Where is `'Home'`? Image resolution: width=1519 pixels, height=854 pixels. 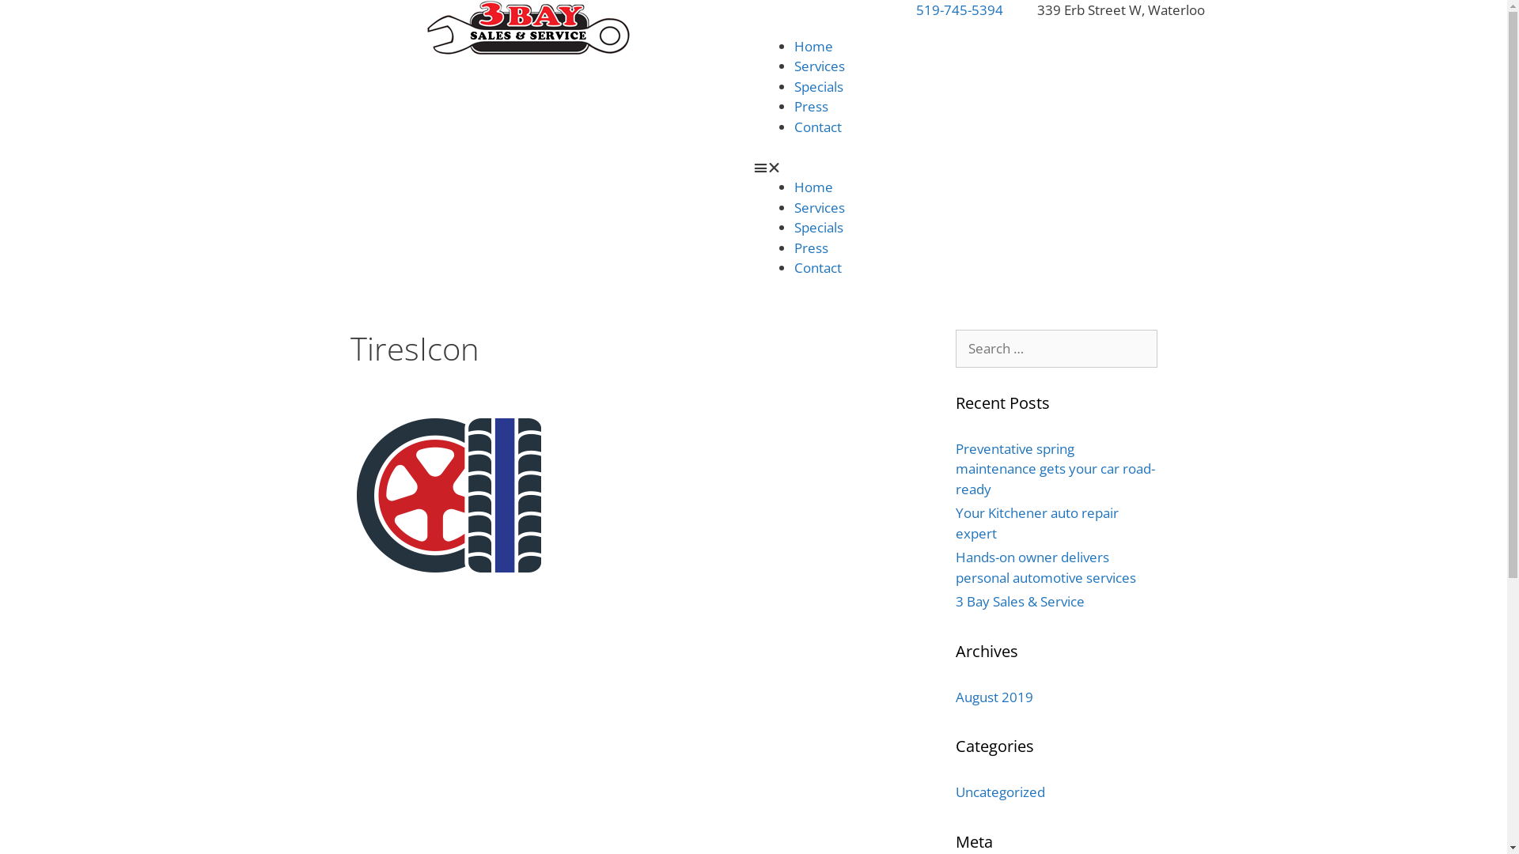 'Home' is located at coordinates (813, 186).